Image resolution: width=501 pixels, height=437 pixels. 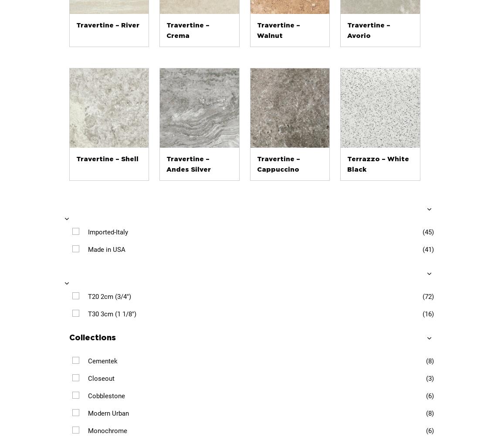 I want to click on 'Travertine – River', so click(x=107, y=25).